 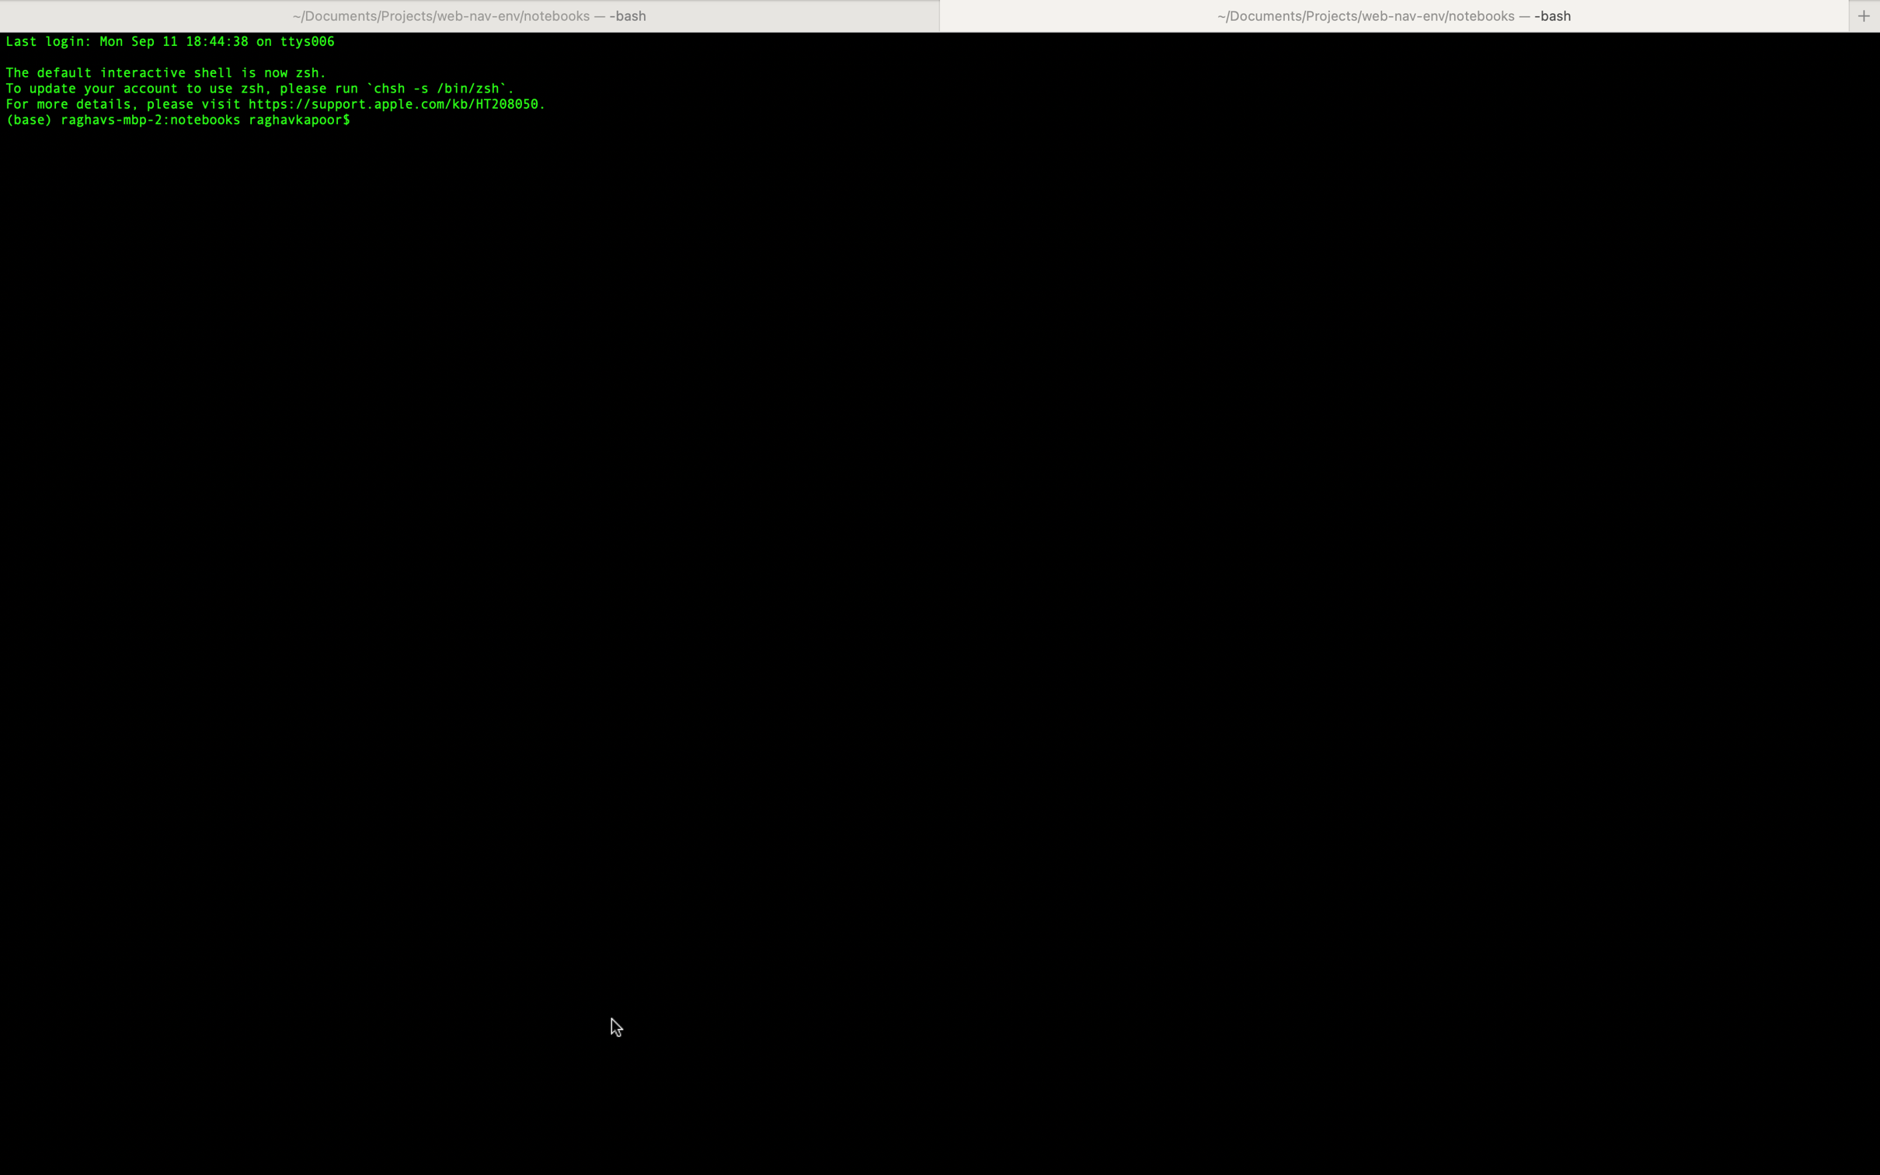 I want to click on show inspector using right click, so click(x=942, y=653).